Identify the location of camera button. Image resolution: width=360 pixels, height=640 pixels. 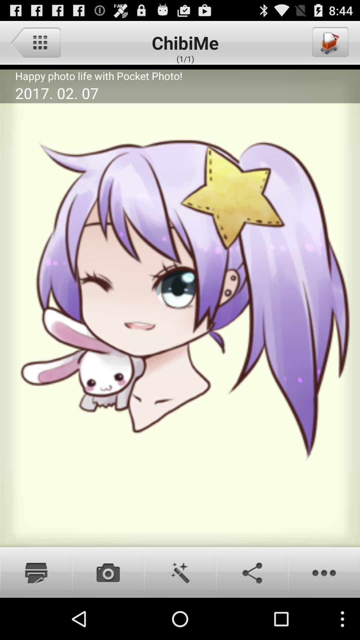
(108, 572).